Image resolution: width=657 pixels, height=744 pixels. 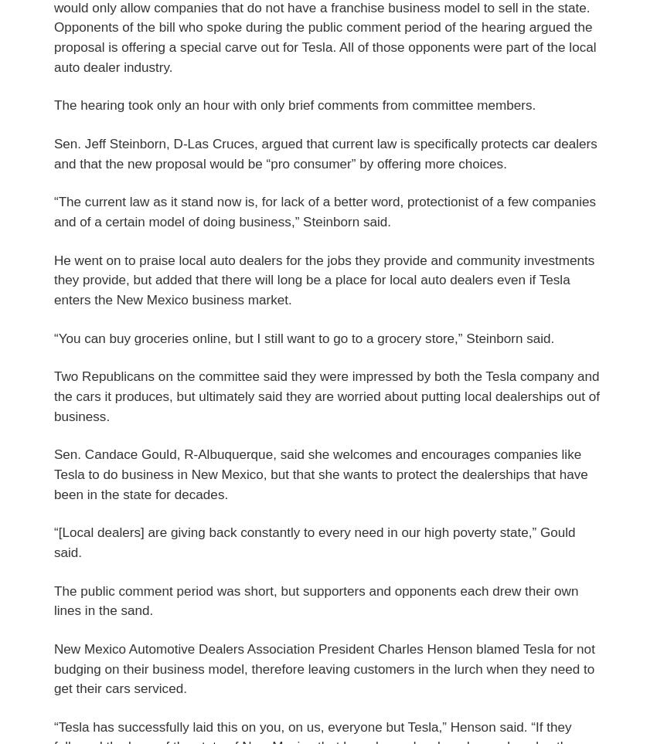 What do you see at coordinates (326, 396) in the screenshot?
I see `'Two Republicans on the committee said they were impressed by both the Tesla company and the cars it produces, but ultimately said they are worried about putting local dealerships out of business.'` at bounding box center [326, 396].